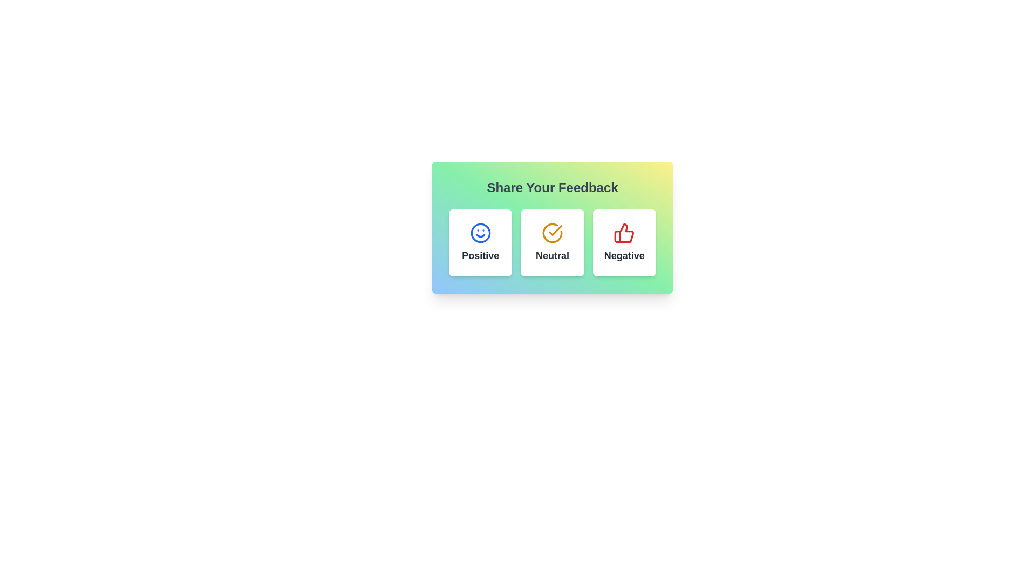  Describe the element at coordinates (480, 256) in the screenshot. I see `the static text label displaying 'Positive' in bold gray color, which is located beneath a smiling face icon in the first option block of a feedback interface` at that location.